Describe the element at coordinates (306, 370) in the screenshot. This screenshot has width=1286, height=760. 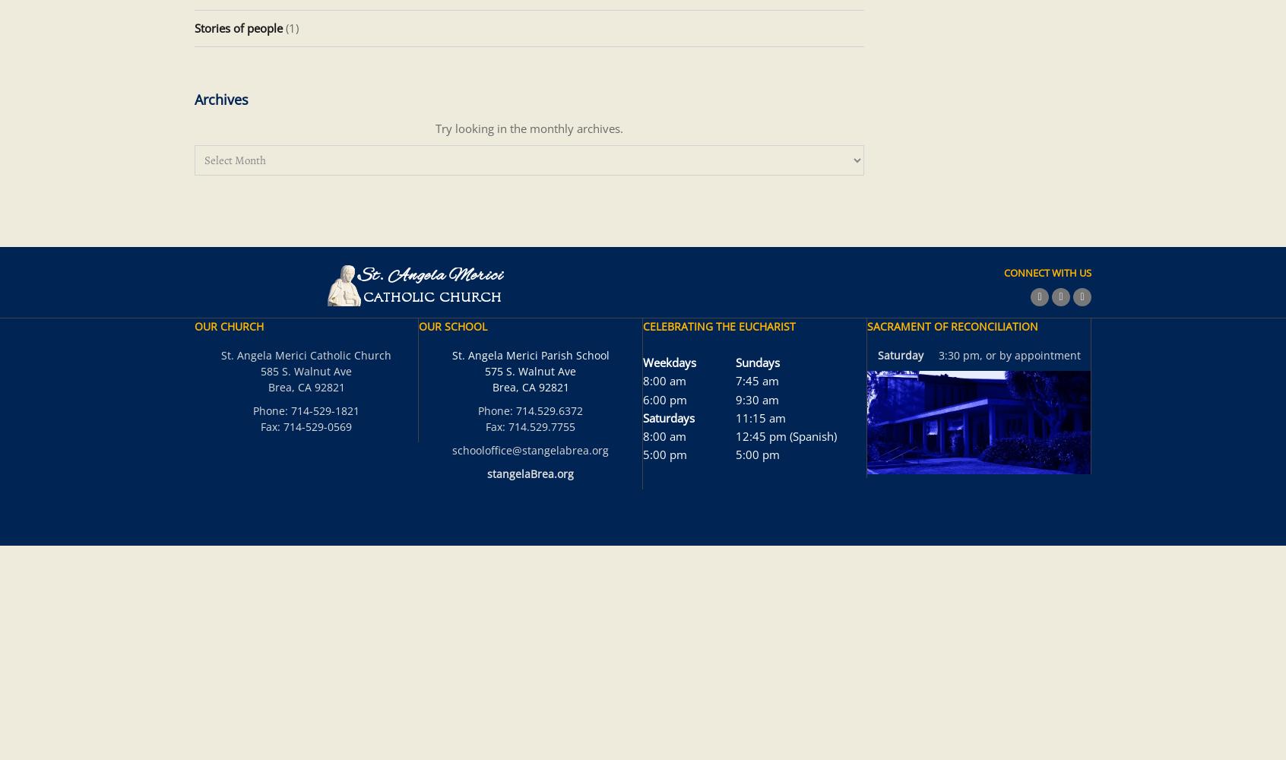
I see `'585 S. Walnut Ave'` at that location.